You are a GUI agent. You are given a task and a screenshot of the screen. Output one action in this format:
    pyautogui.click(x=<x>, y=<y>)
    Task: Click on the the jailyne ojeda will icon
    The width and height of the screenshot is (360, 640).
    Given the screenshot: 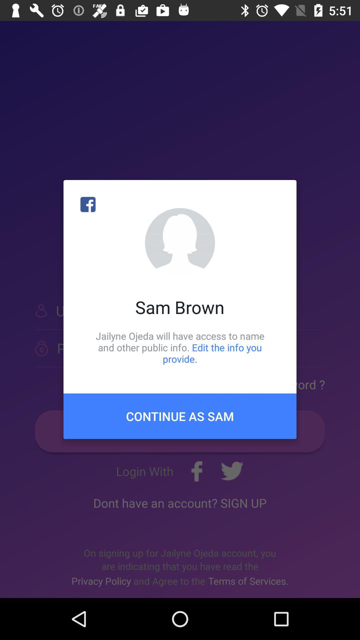 What is the action you would take?
    pyautogui.click(x=180, y=347)
    